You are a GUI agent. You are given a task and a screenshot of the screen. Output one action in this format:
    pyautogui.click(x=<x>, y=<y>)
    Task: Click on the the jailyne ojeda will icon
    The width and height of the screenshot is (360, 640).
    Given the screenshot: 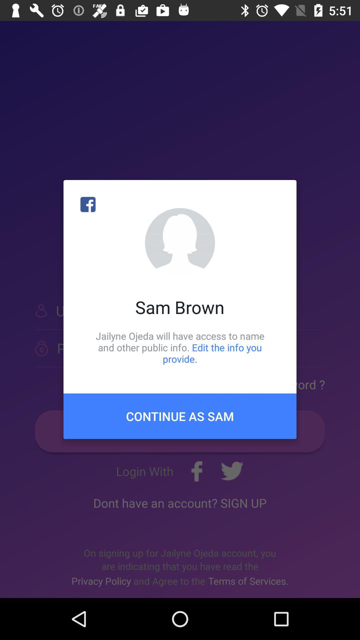 What is the action you would take?
    pyautogui.click(x=180, y=347)
    